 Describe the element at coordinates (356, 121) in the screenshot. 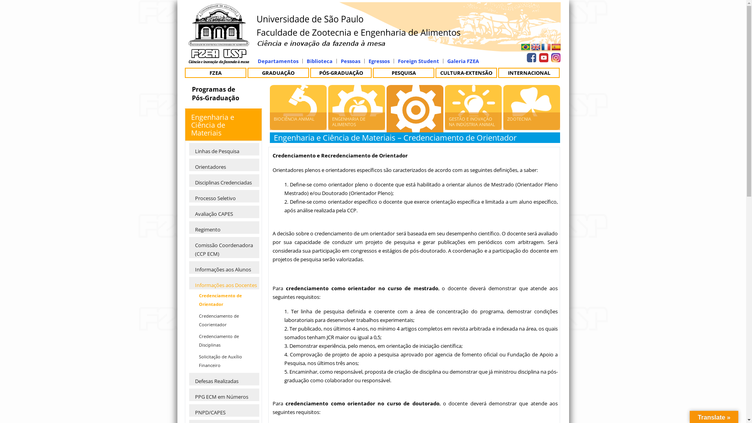

I see `'ENGENHARIA DE ALIMENTOS'` at that location.